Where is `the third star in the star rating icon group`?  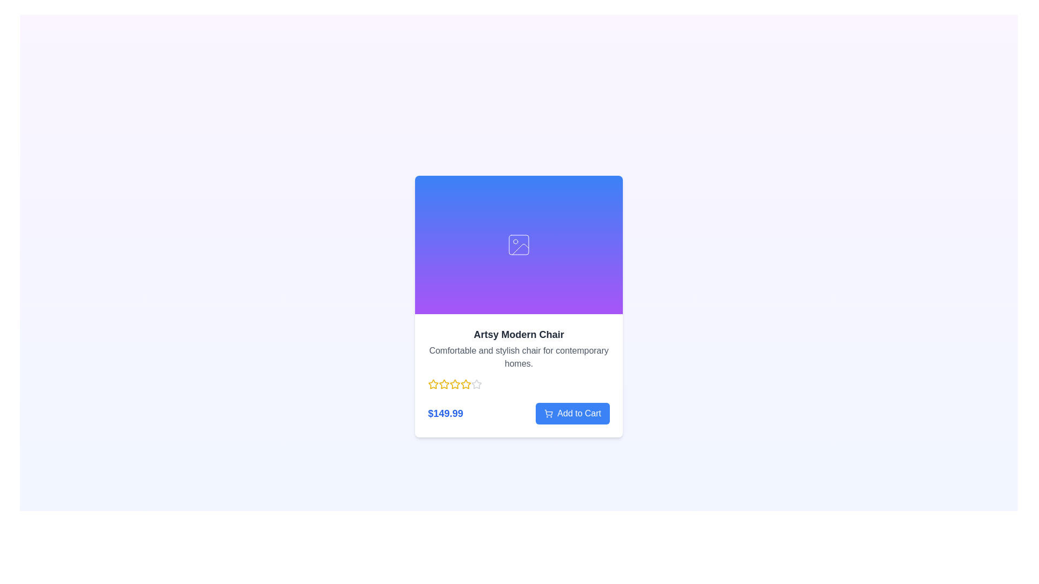 the third star in the star rating icon group is located at coordinates (444, 383).